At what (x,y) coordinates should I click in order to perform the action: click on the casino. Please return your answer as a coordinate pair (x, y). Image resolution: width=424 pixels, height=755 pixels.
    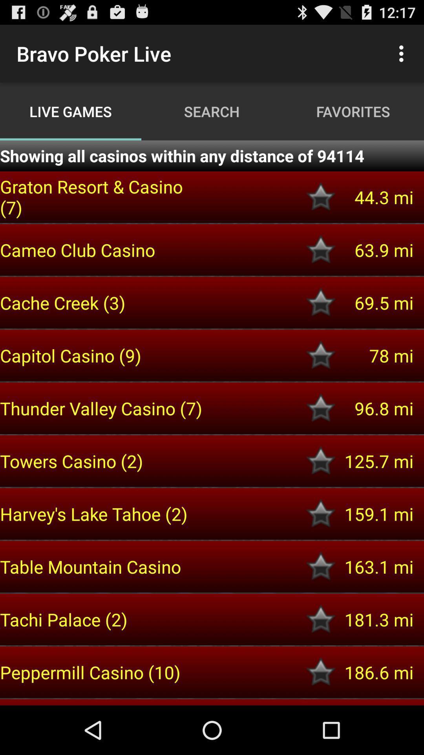
    Looking at the image, I should click on (321, 408).